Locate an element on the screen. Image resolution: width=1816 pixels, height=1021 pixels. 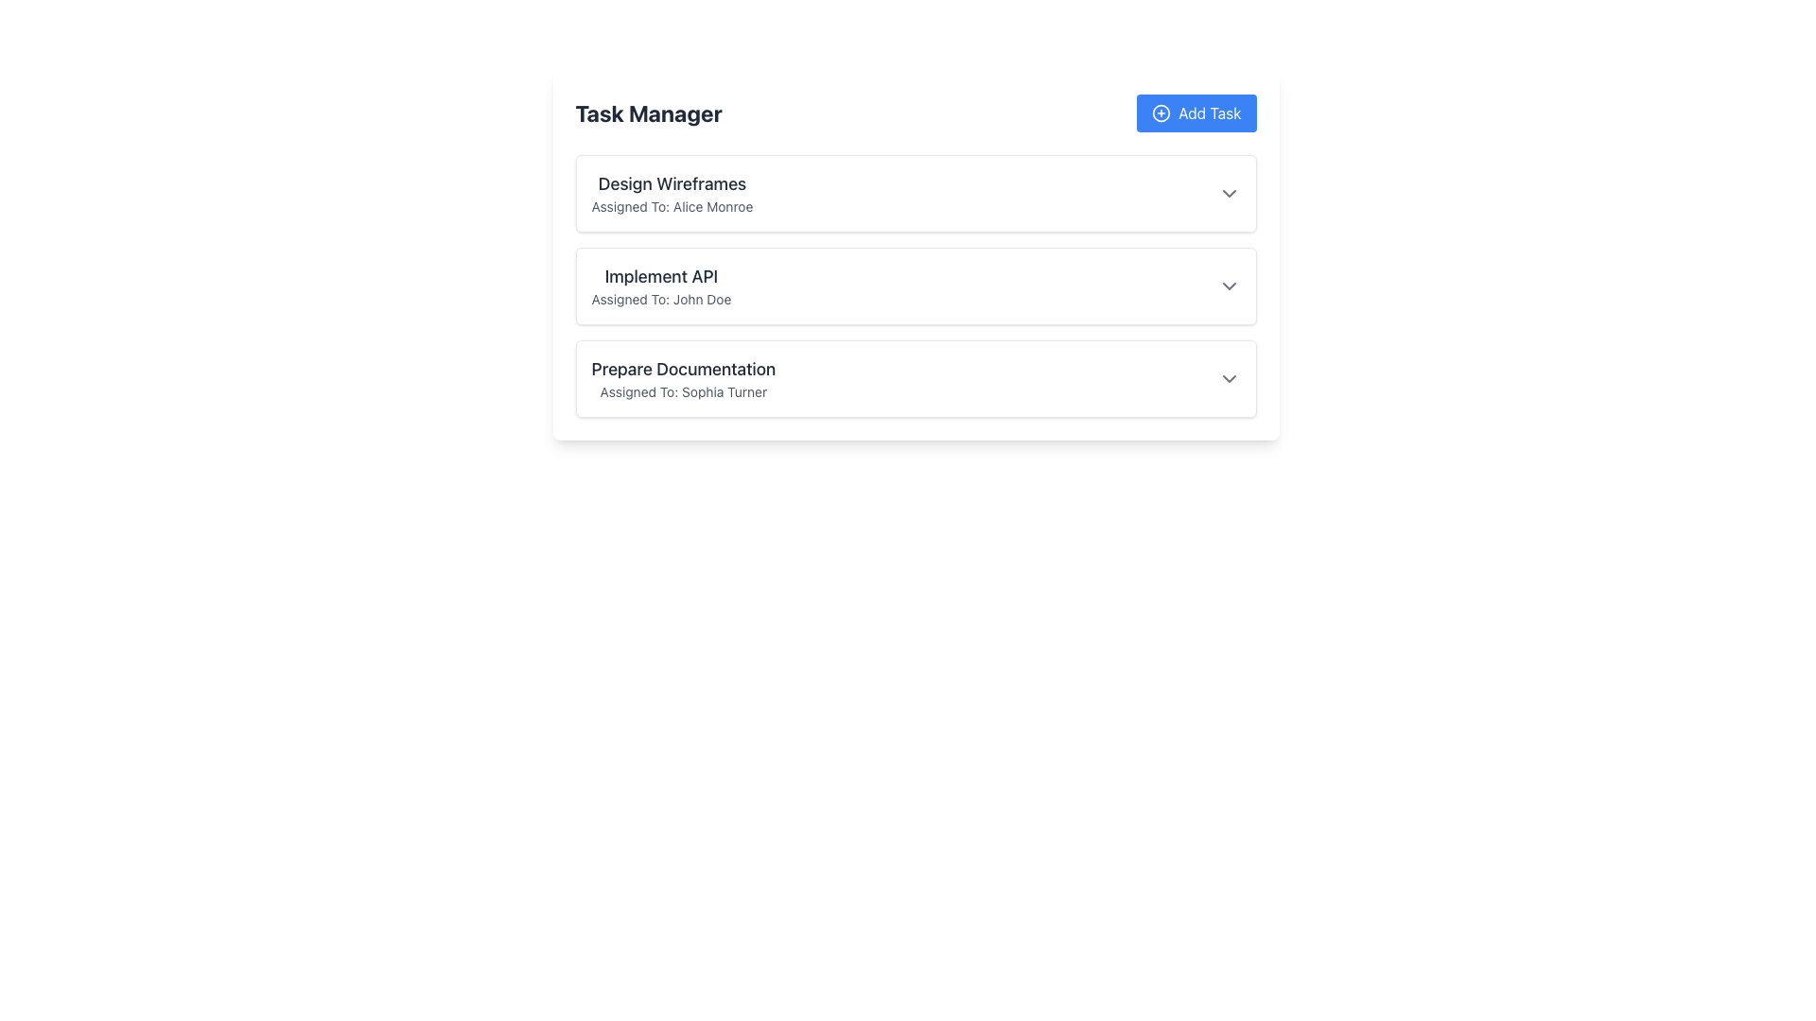
the downward-facing chevron icon with a thin outline and gray color, located beside the 'Implement API' label in the task list is located at coordinates (1229, 286).